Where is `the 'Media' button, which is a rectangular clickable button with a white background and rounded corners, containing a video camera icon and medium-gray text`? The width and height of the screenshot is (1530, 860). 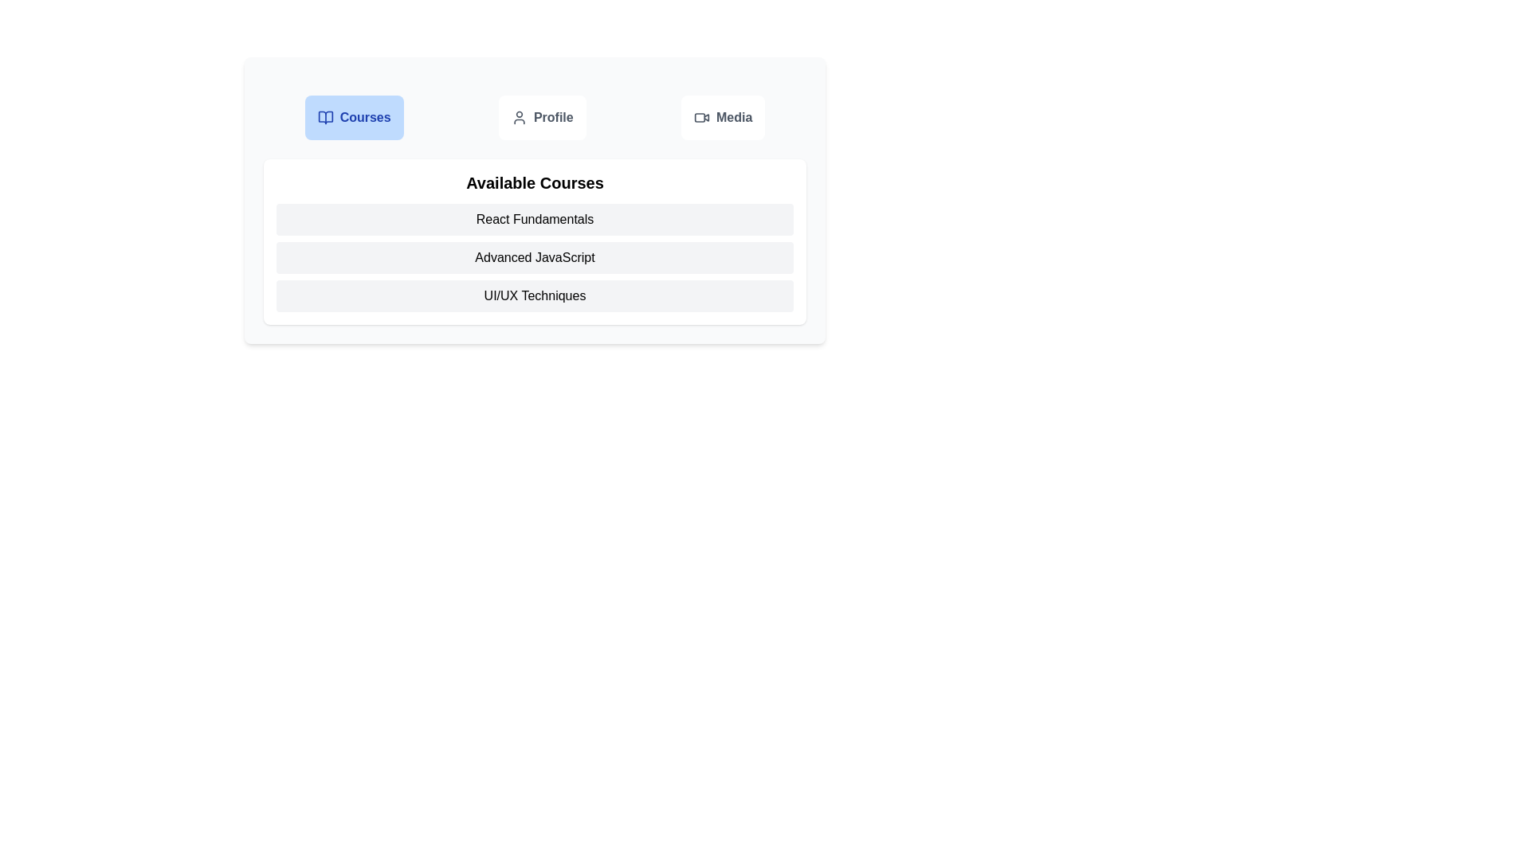 the 'Media' button, which is a rectangular clickable button with a white background and rounded corners, containing a video camera icon and medium-gray text is located at coordinates (722, 116).